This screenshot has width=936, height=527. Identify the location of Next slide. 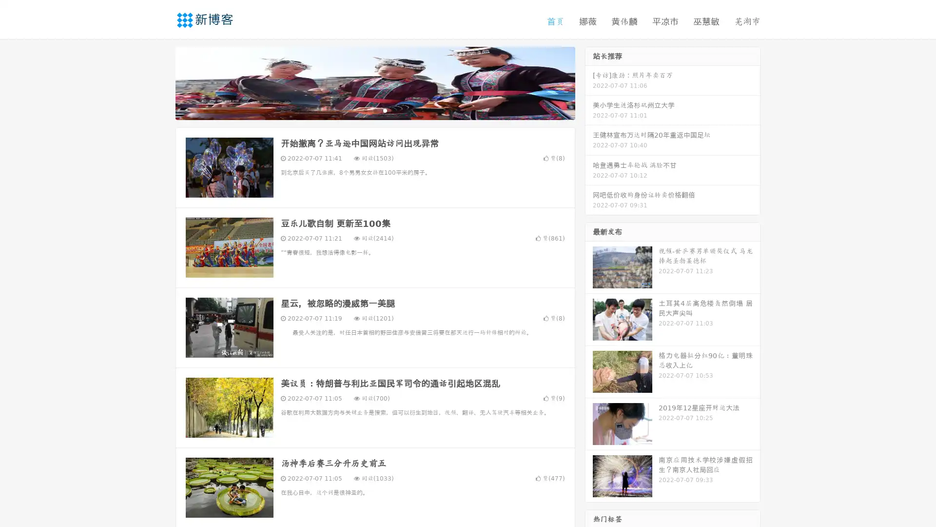
(589, 82).